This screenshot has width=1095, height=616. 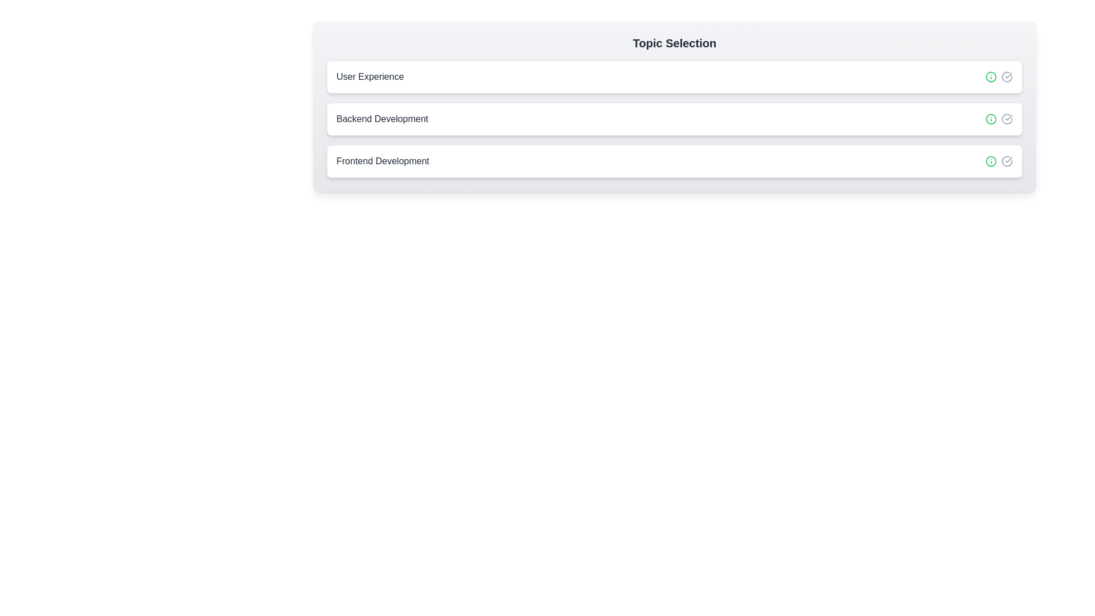 I want to click on the chip labeled Frontend Development to select it, so click(x=674, y=161).